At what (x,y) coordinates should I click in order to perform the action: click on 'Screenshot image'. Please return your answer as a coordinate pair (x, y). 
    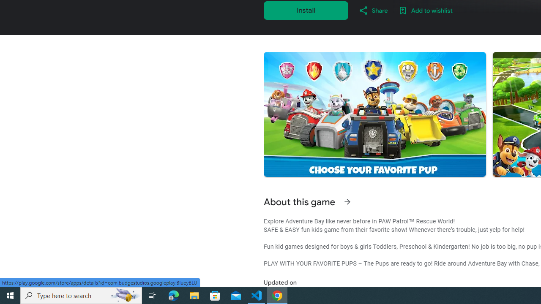
    Looking at the image, I should click on (374, 114).